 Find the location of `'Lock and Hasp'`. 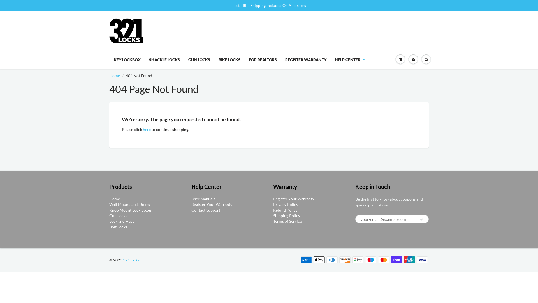

'Lock and Hasp' is located at coordinates (122, 221).